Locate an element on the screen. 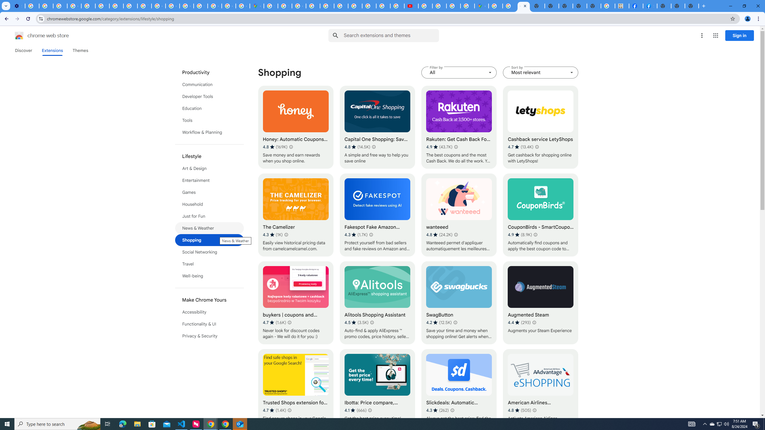 This screenshot has height=430, width=765. 'Functionality & UI' is located at coordinates (209, 324).